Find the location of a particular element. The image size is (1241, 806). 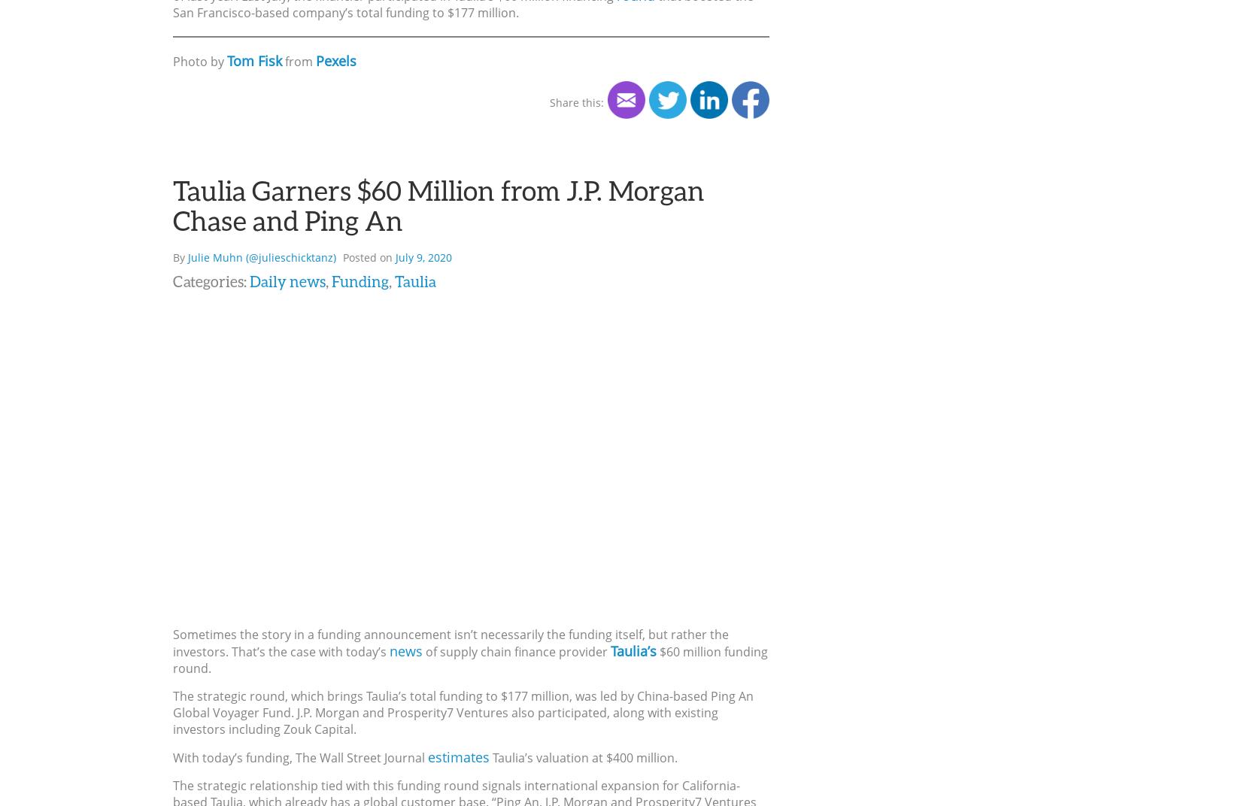

'Posted on' is located at coordinates (369, 256).